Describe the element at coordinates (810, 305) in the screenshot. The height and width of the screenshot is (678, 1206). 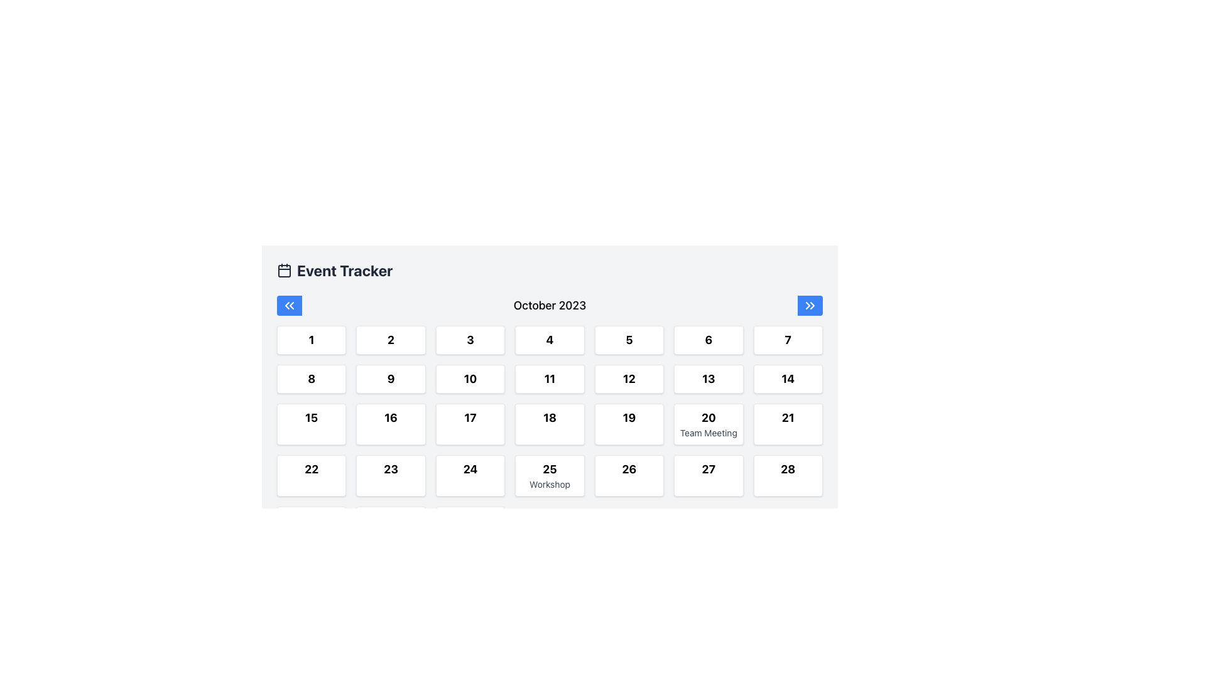
I see `the right-facing double-chevron icon on the calendar interface` at that location.